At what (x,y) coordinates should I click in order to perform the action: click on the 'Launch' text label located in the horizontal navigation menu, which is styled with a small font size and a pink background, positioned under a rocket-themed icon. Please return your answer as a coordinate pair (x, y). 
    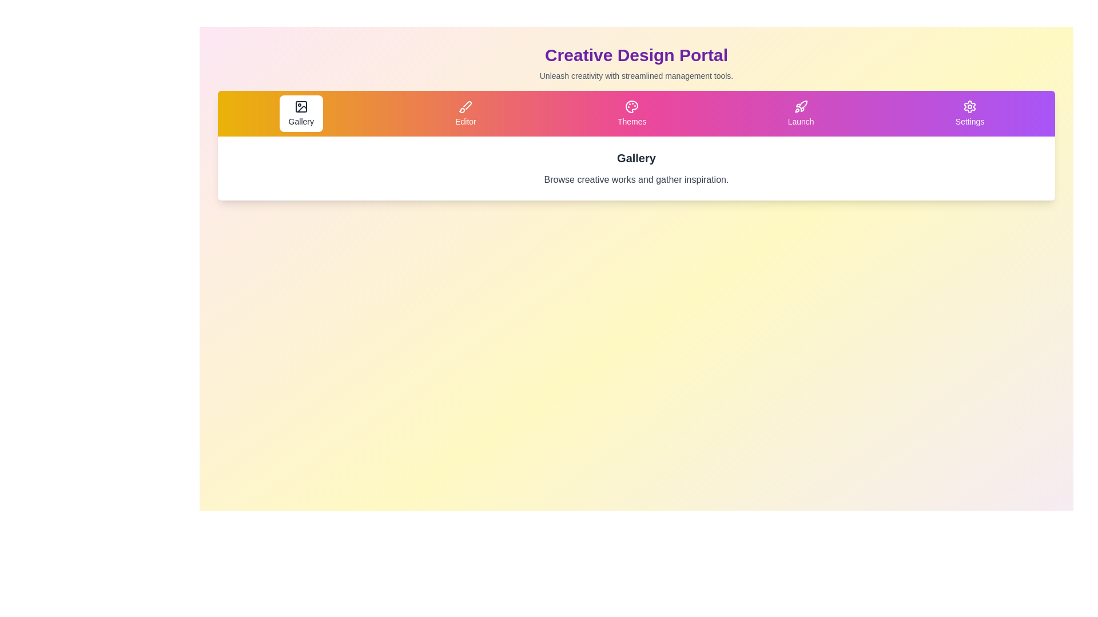
    Looking at the image, I should click on (800, 121).